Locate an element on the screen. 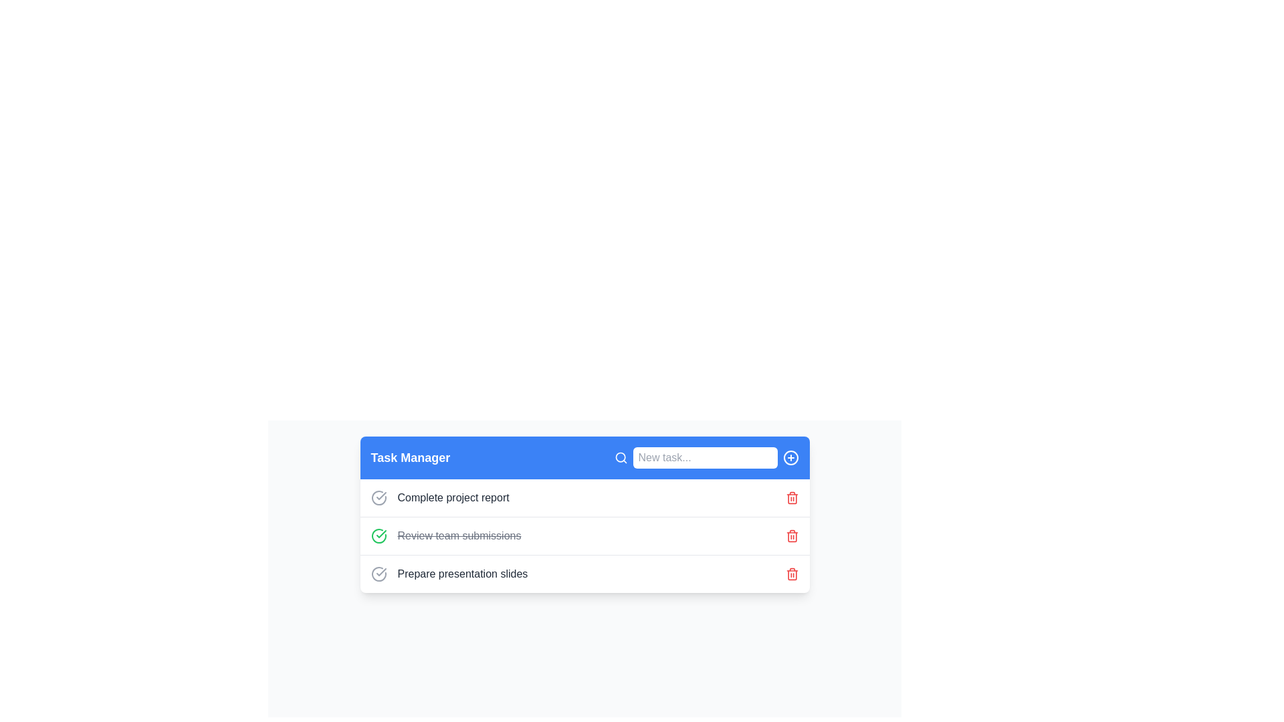 The image size is (1284, 722). the circular graphical icon with a green boundary that represents a check mark indicator, located to the left of the 'Review team submissions' task item in the task manager interface is located at coordinates (378, 535).